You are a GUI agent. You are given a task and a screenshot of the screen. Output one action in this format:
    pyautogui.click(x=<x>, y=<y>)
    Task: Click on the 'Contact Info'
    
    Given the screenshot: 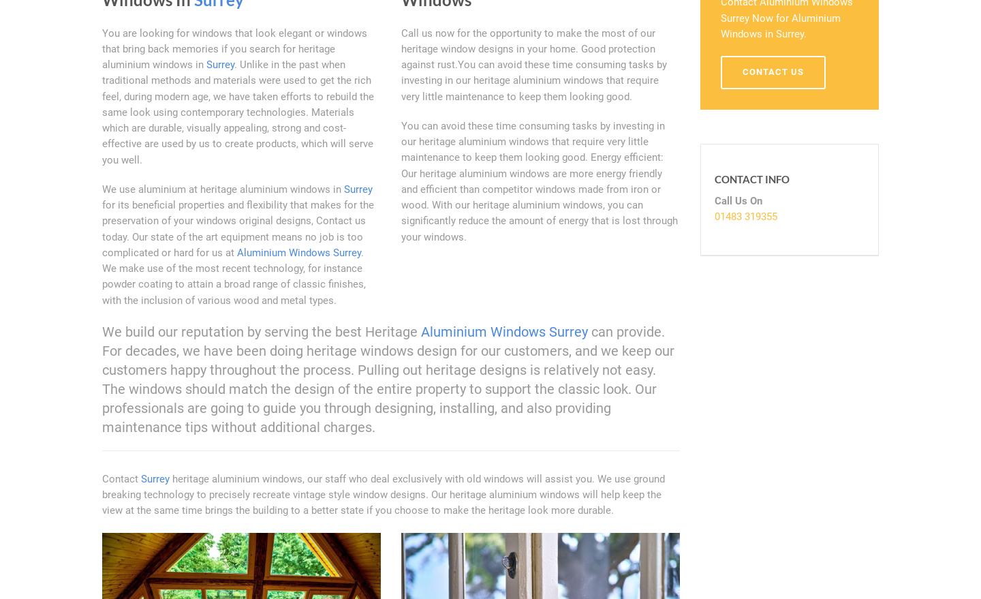 What is the action you would take?
    pyautogui.click(x=751, y=178)
    